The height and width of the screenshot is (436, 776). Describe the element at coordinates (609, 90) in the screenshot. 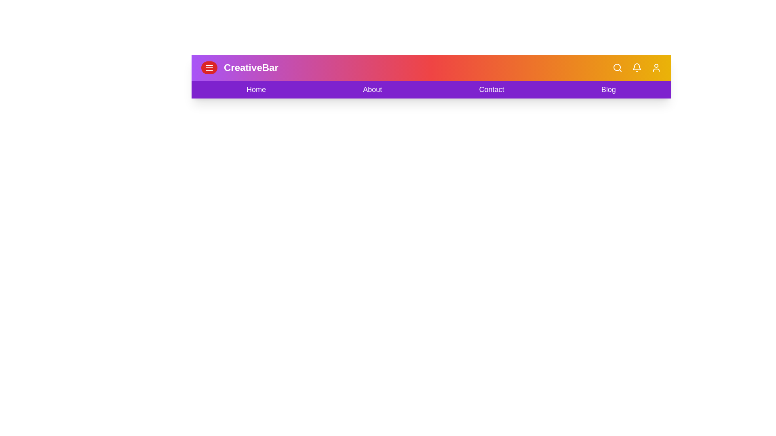

I see `the navigation menu item Blog` at that location.